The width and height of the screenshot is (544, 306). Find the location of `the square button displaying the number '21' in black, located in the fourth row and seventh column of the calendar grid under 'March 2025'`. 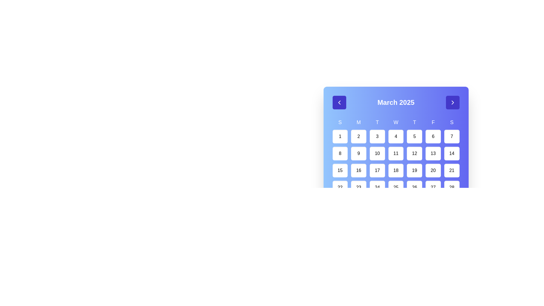

the square button displaying the number '21' in black, located in the fourth row and seventh column of the calendar grid under 'March 2025' is located at coordinates (451, 170).